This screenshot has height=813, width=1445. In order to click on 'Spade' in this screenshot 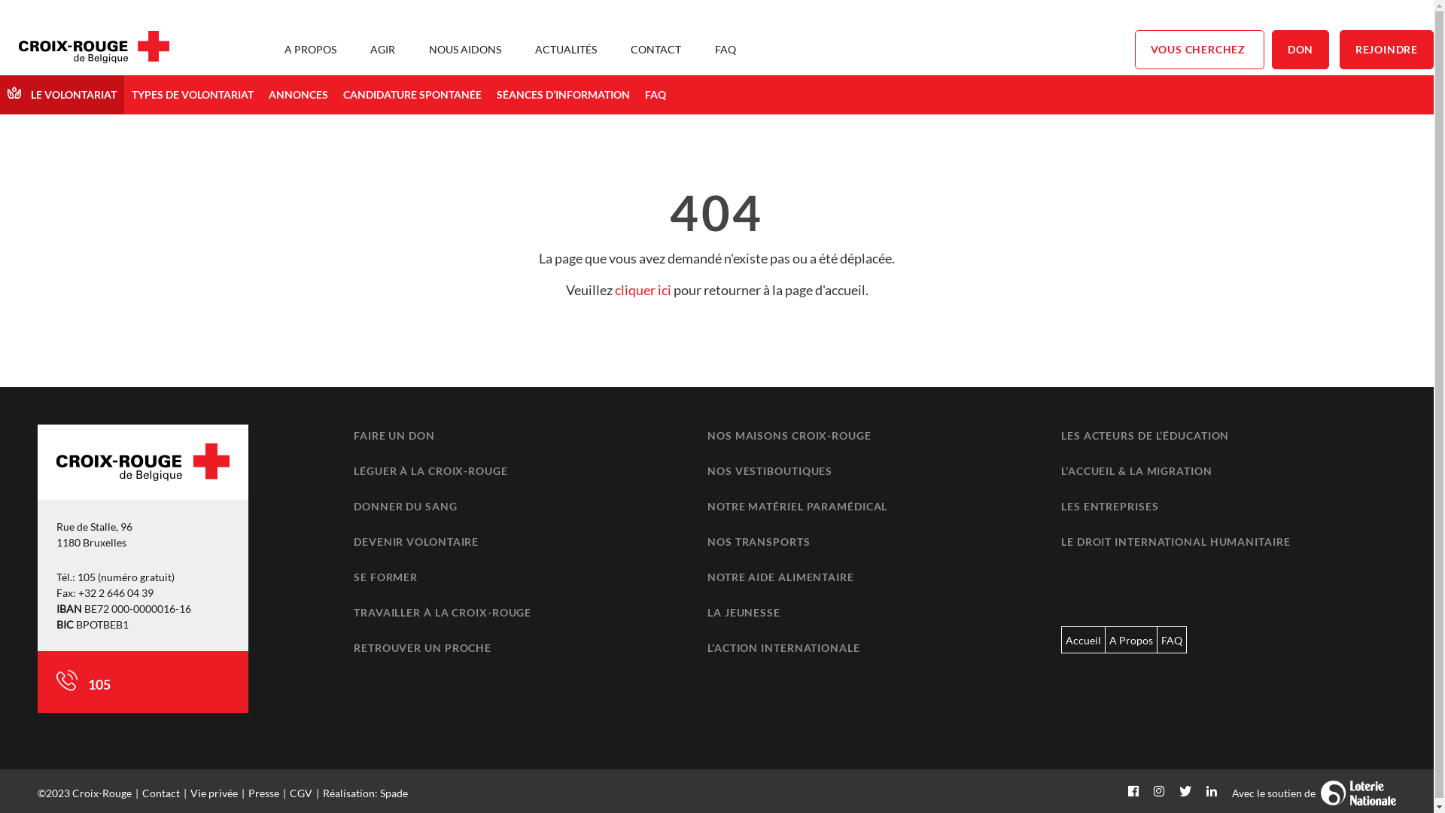, I will do `click(394, 792)`.